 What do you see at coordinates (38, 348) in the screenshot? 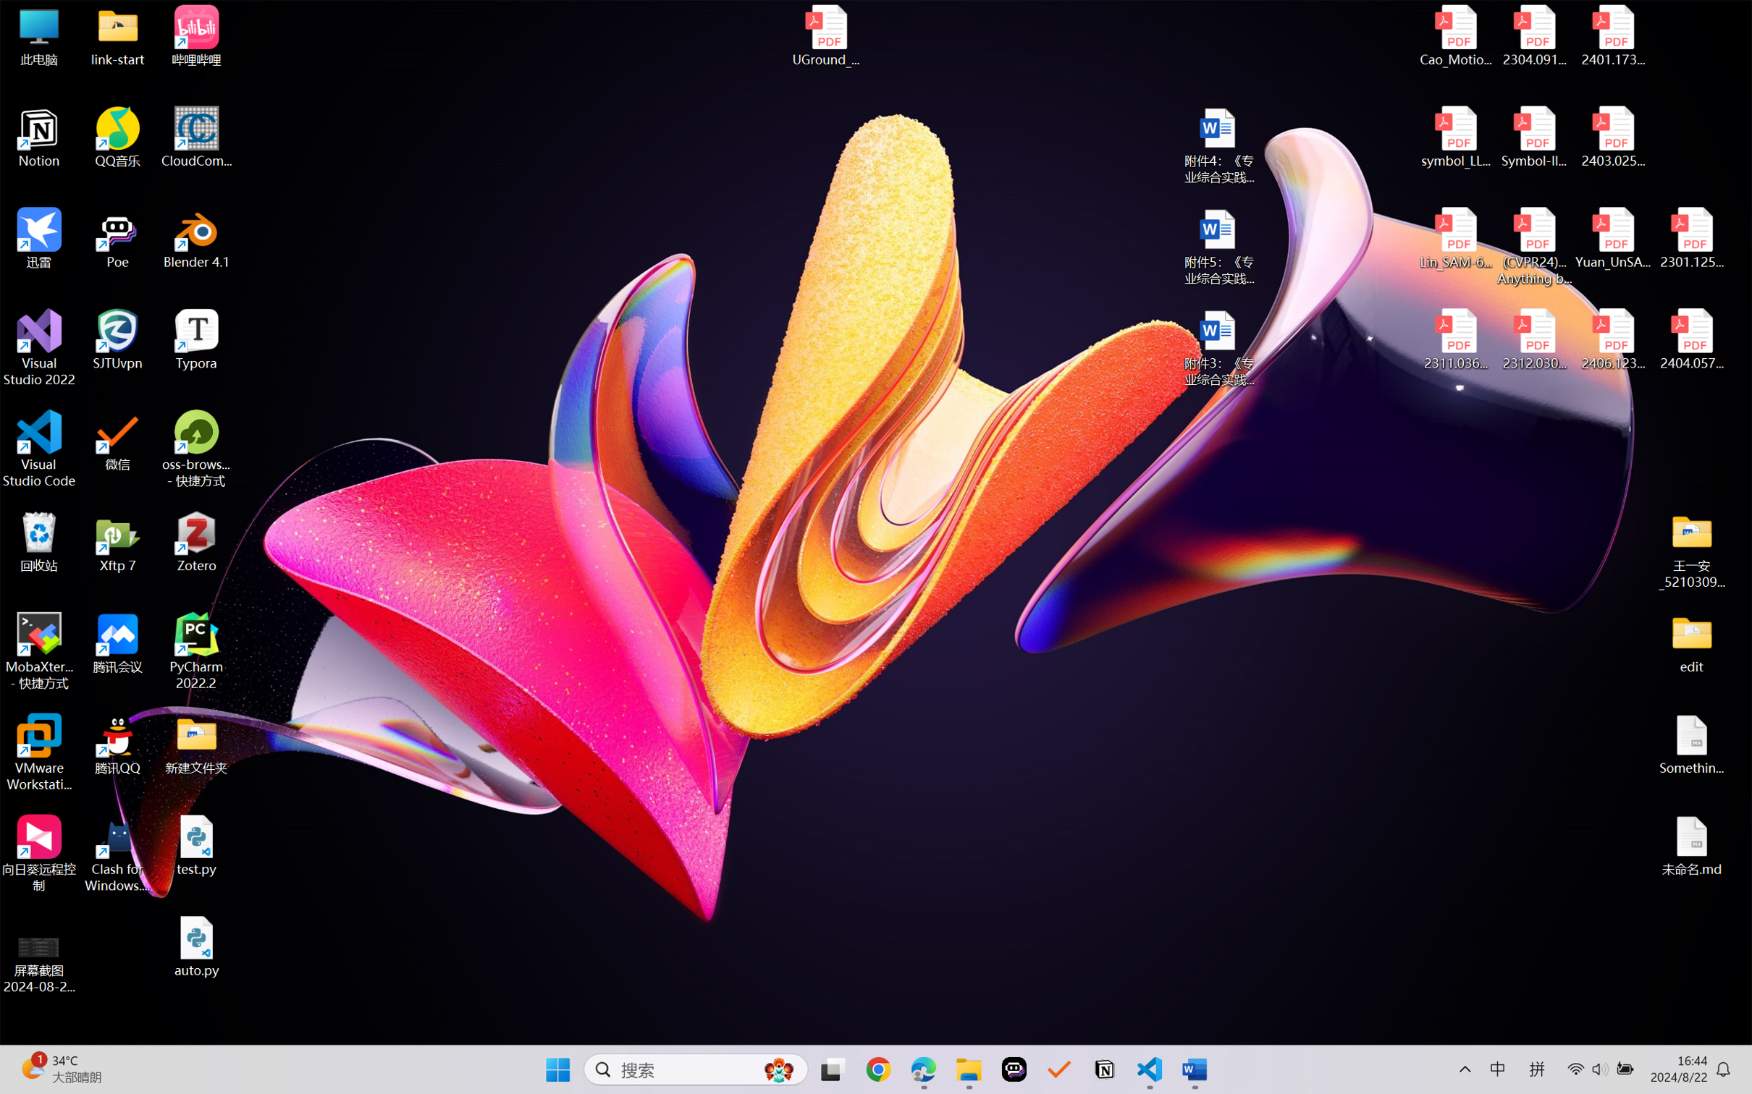
I see `'Visual Studio 2022'` at bounding box center [38, 348].